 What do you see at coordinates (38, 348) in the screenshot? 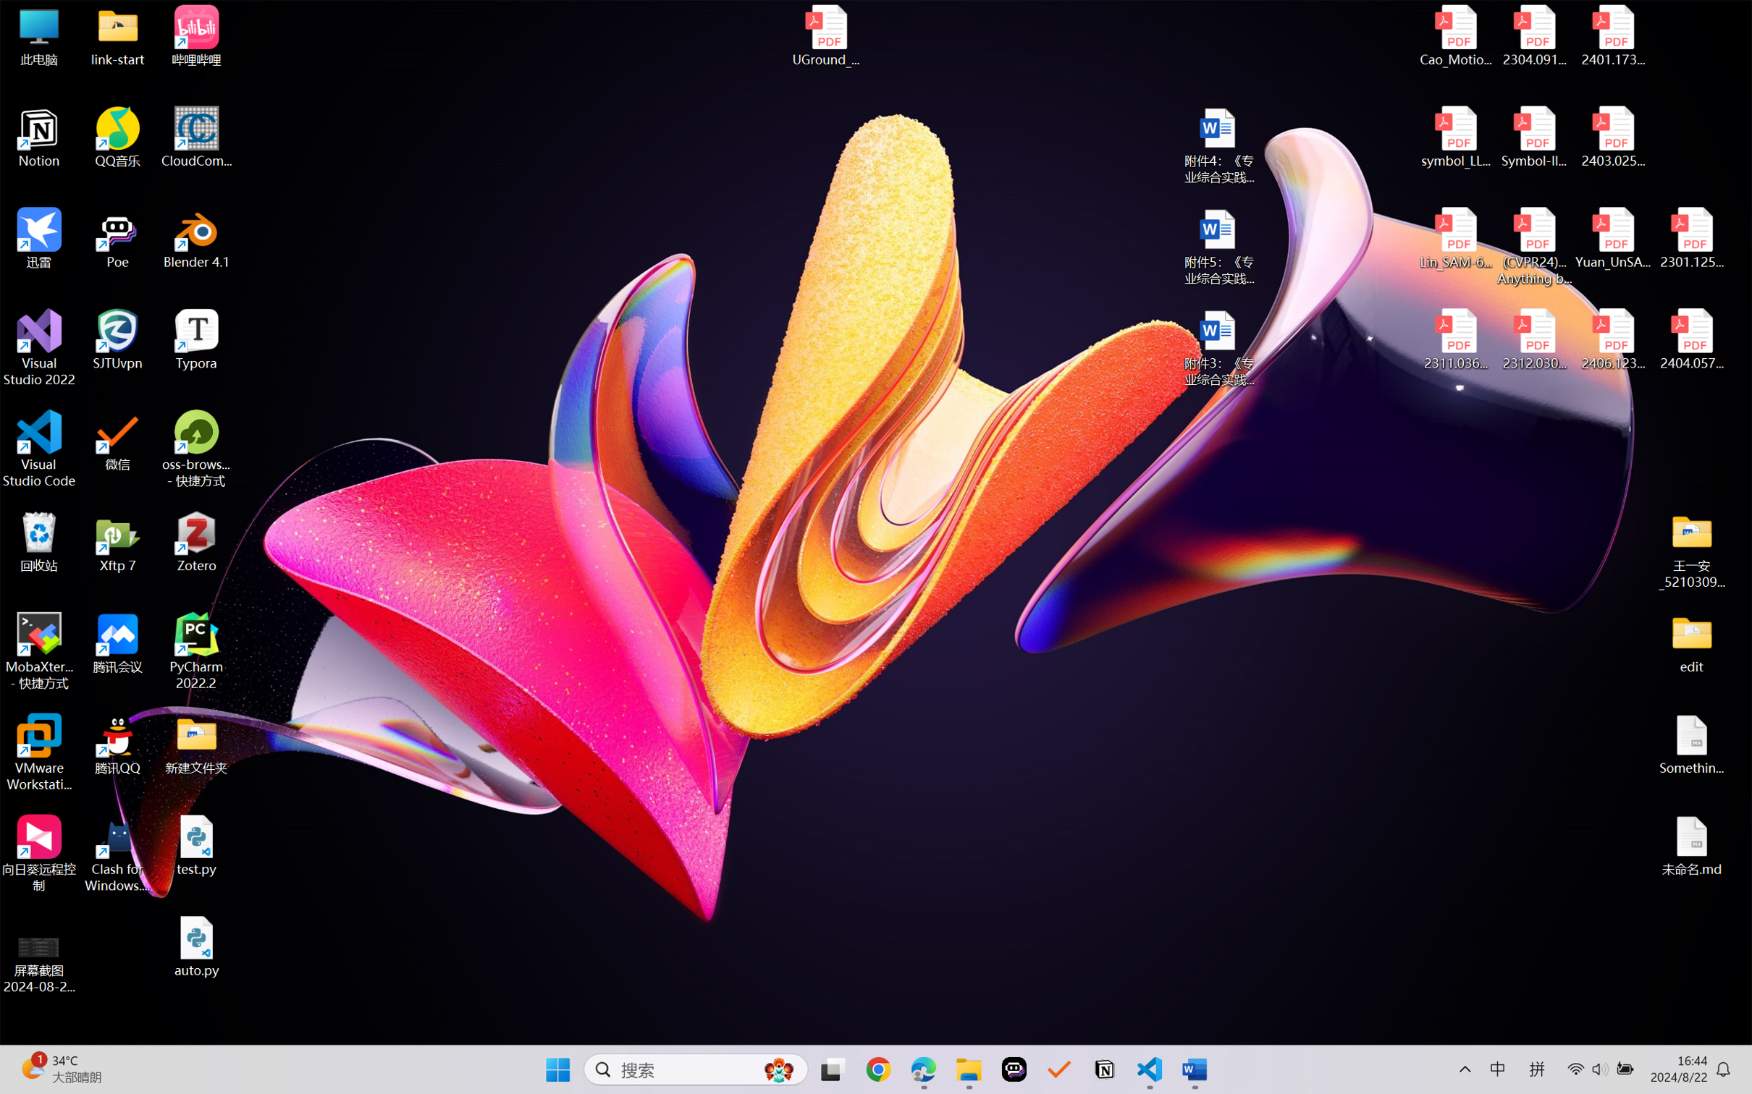
I see `'Visual Studio 2022'` at bounding box center [38, 348].